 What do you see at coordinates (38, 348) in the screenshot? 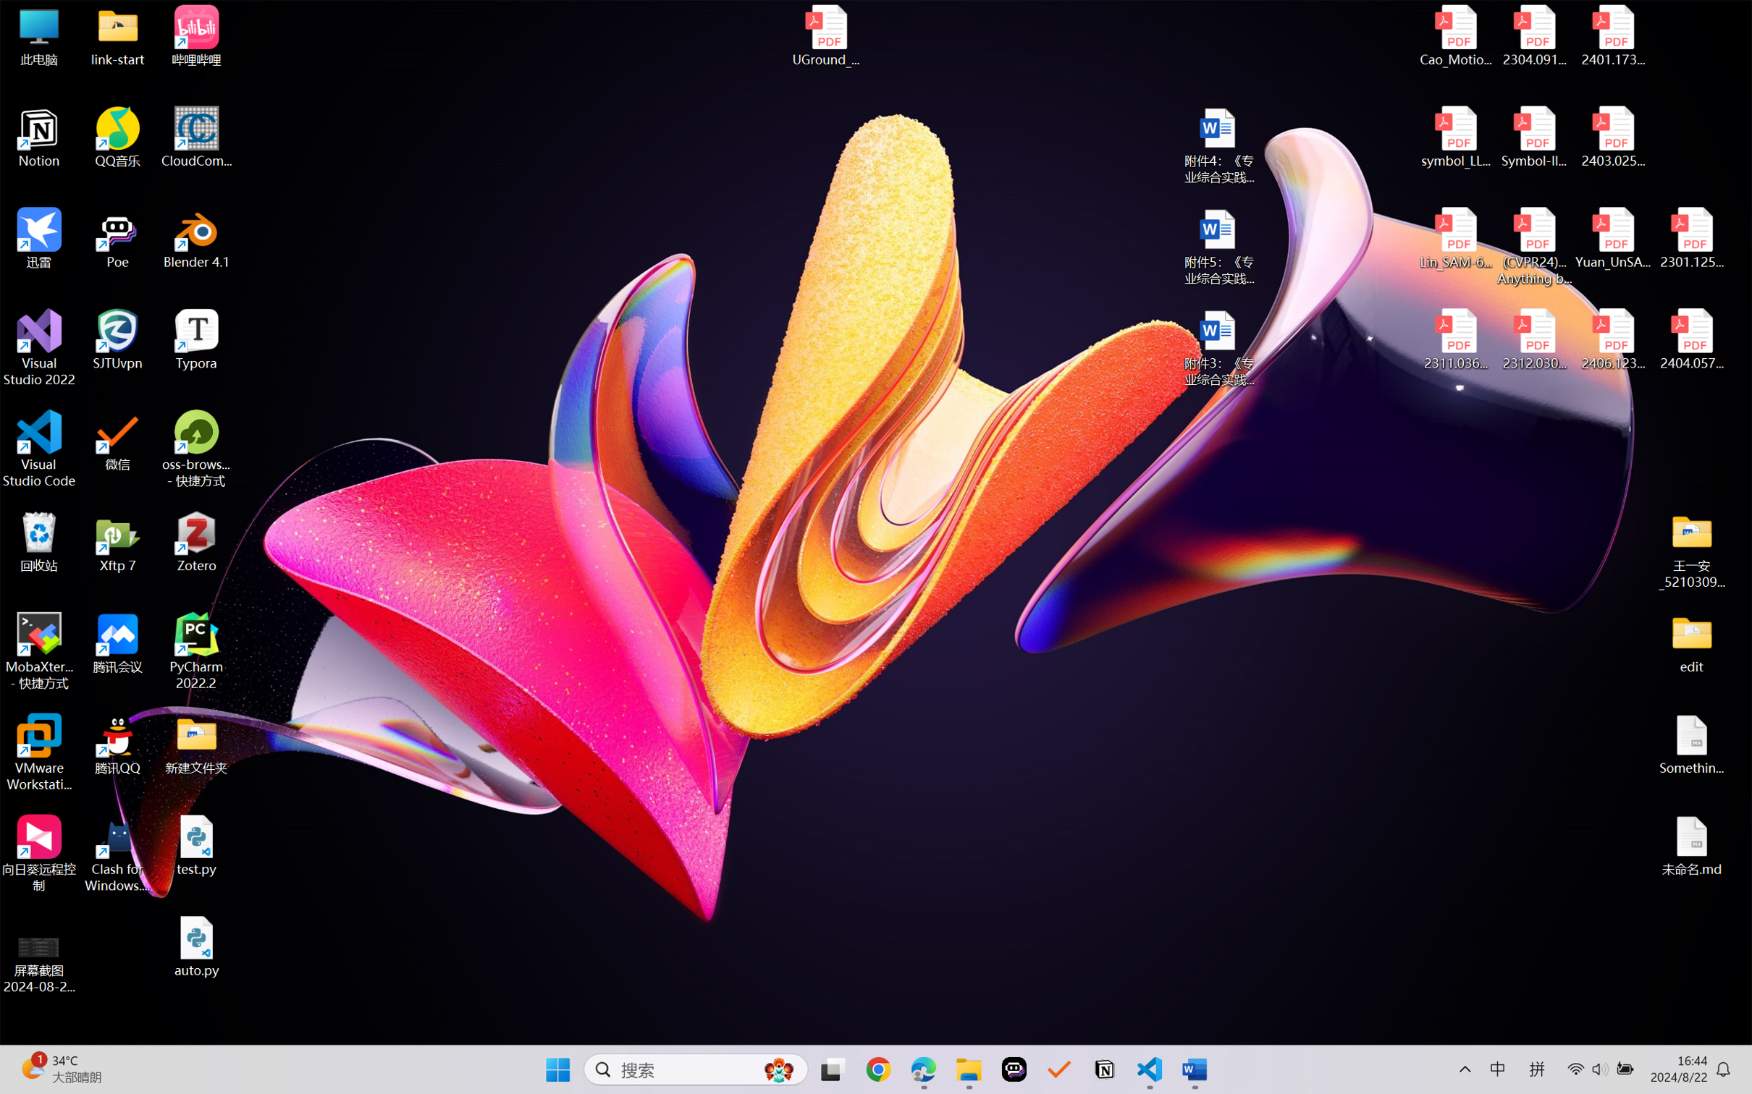
I see `'Visual Studio 2022'` at bounding box center [38, 348].